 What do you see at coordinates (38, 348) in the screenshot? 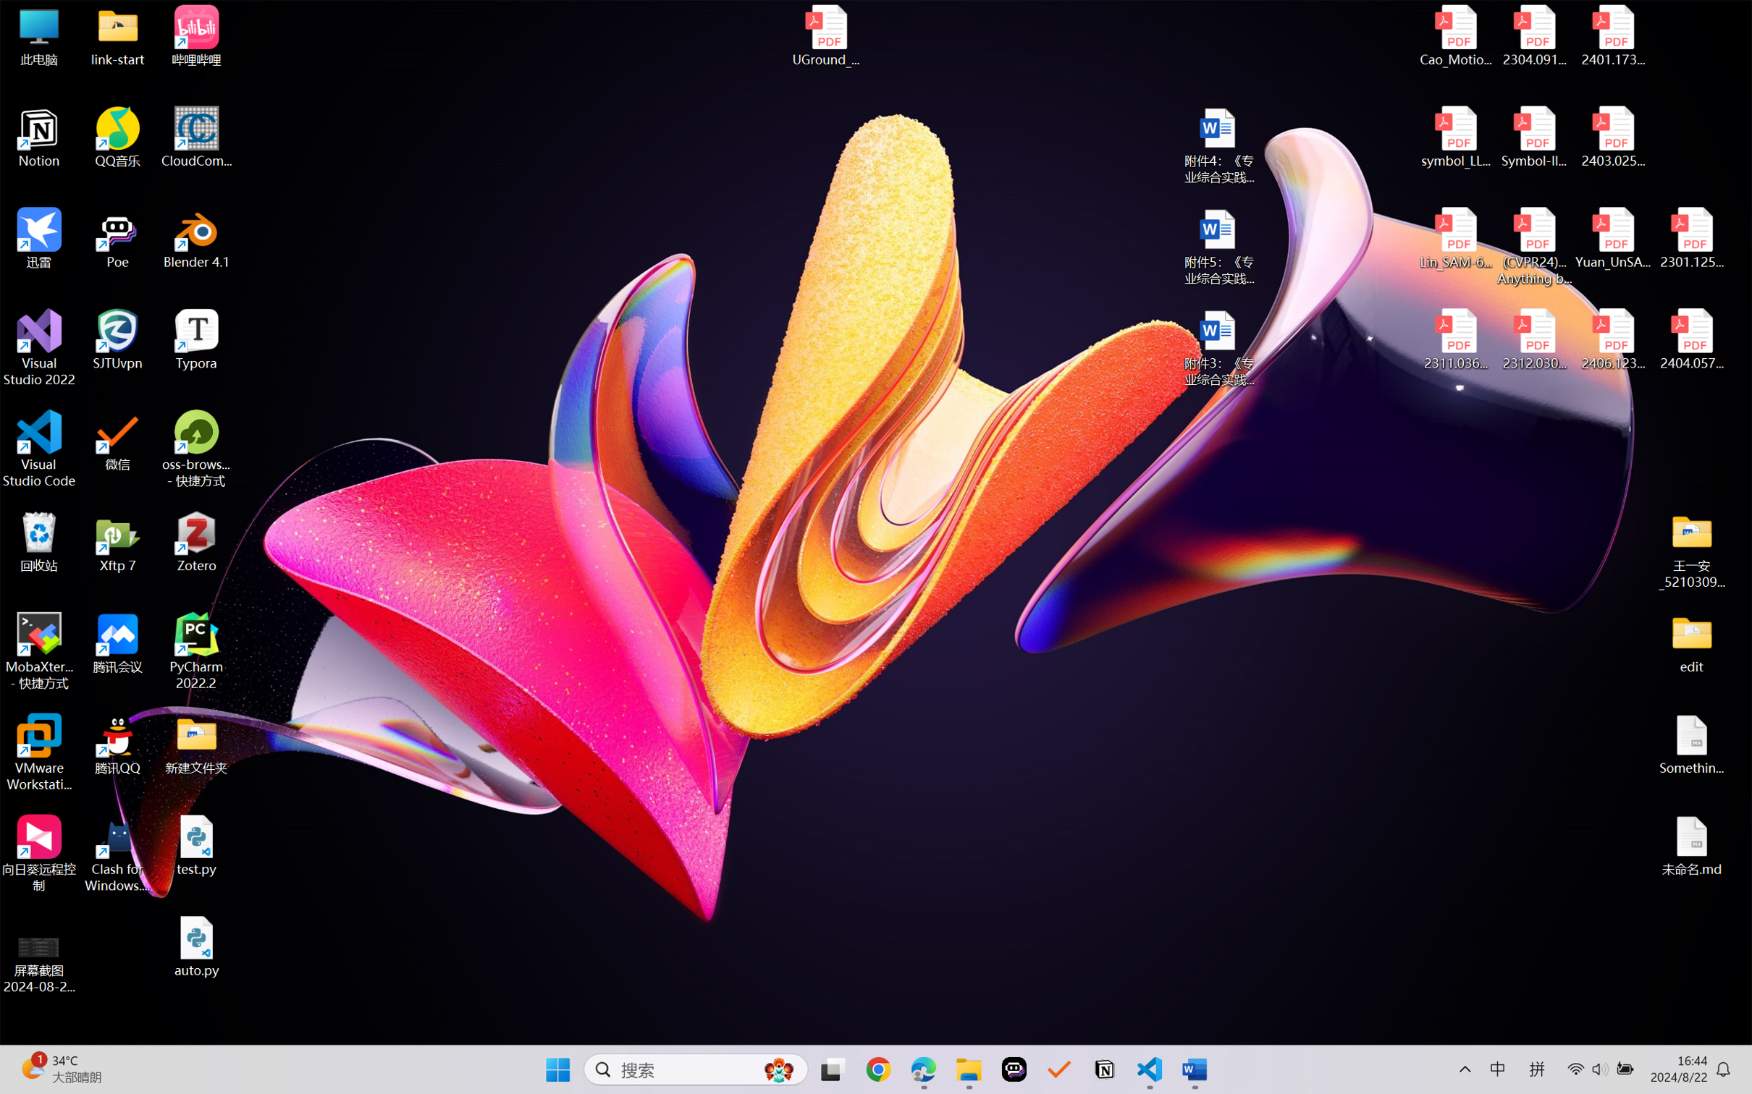
I see `'Visual Studio 2022'` at bounding box center [38, 348].